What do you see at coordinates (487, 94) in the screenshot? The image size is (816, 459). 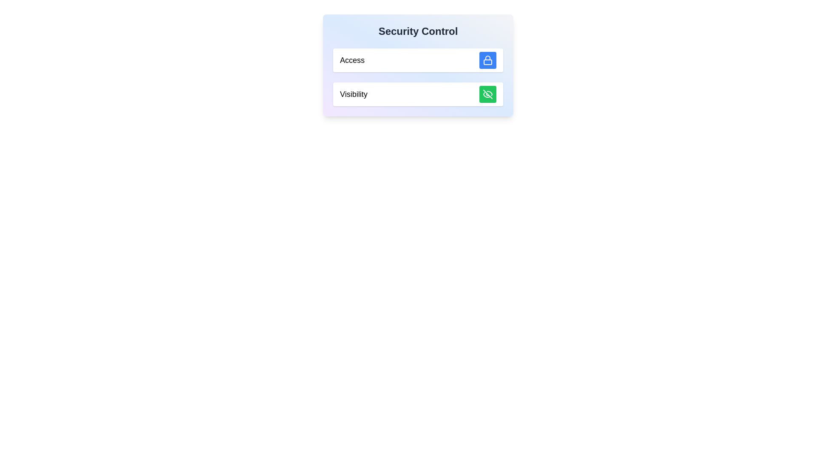 I see `the toggle button on the far right of the 'Visibility' section in the 'Security Control' panel` at bounding box center [487, 94].